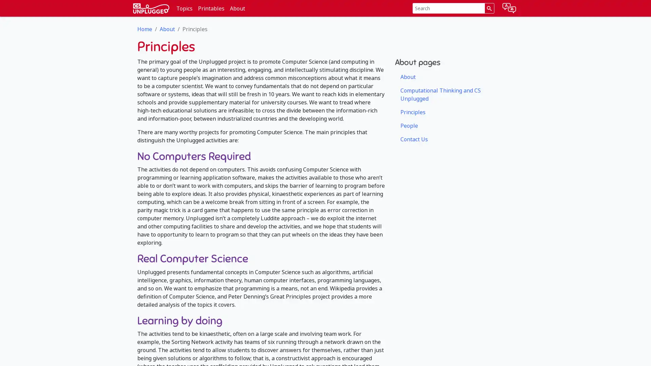 The width and height of the screenshot is (651, 366). I want to click on Search, so click(489, 8).